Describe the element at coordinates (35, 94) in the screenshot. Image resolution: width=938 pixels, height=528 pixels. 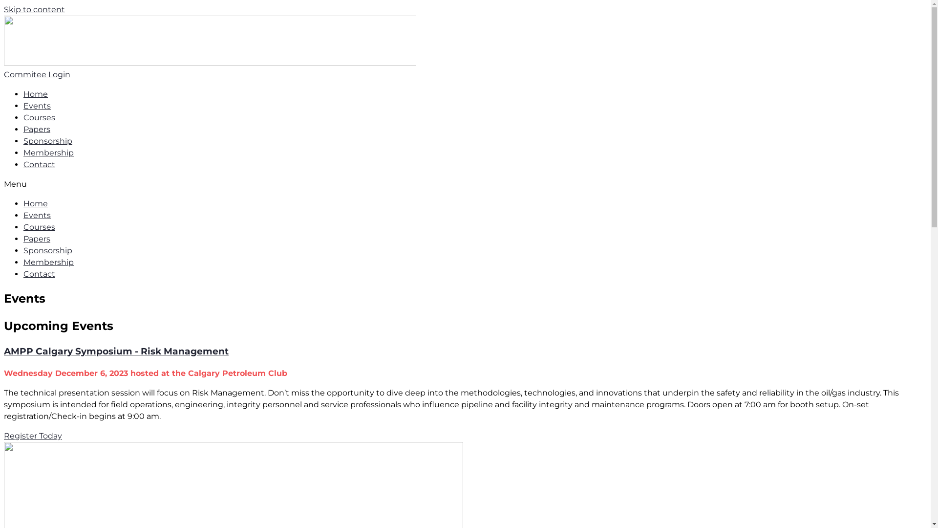
I see `'Home'` at that location.